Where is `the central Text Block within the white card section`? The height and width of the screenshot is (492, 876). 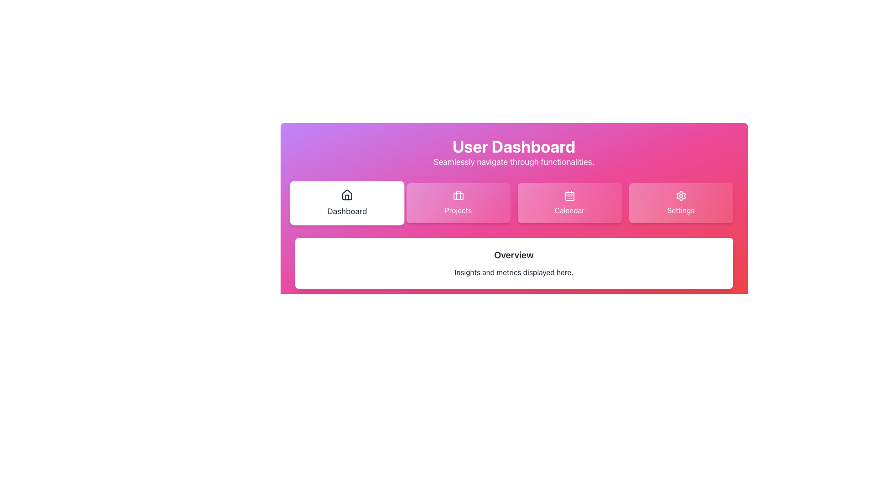
the central Text Block within the white card section is located at coordinates (514, 263).